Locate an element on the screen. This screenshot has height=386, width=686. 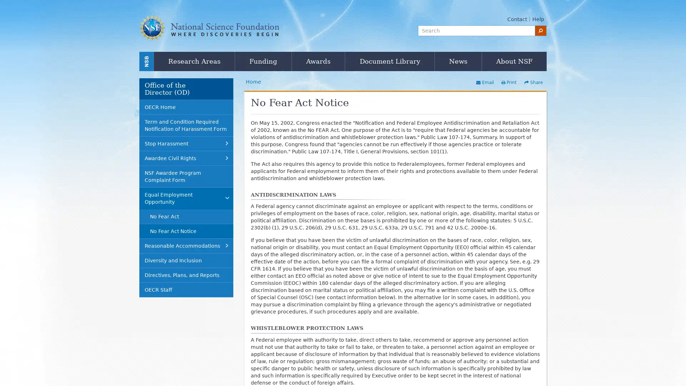
Print this page is located at coordinates (508, 82).